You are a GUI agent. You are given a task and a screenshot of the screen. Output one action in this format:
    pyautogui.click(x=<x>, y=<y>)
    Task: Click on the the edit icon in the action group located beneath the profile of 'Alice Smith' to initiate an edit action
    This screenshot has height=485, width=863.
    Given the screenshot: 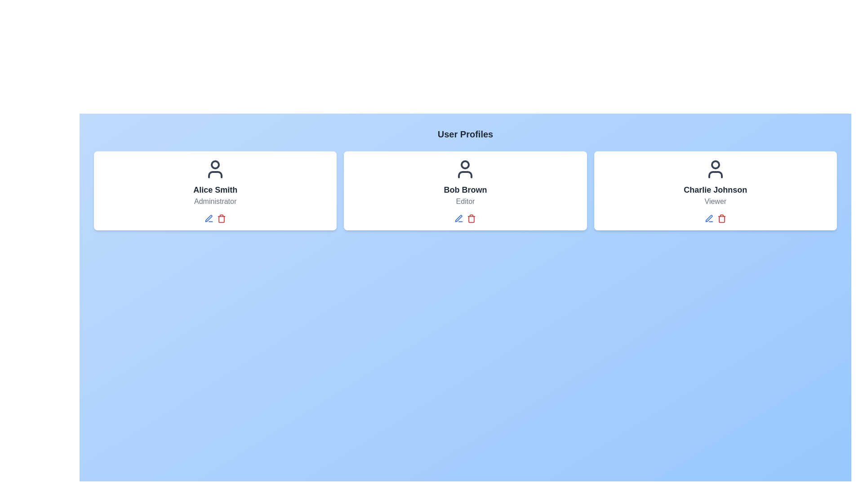 What is the action you would take?
    pyautogui.click(x=215, y=218)
    